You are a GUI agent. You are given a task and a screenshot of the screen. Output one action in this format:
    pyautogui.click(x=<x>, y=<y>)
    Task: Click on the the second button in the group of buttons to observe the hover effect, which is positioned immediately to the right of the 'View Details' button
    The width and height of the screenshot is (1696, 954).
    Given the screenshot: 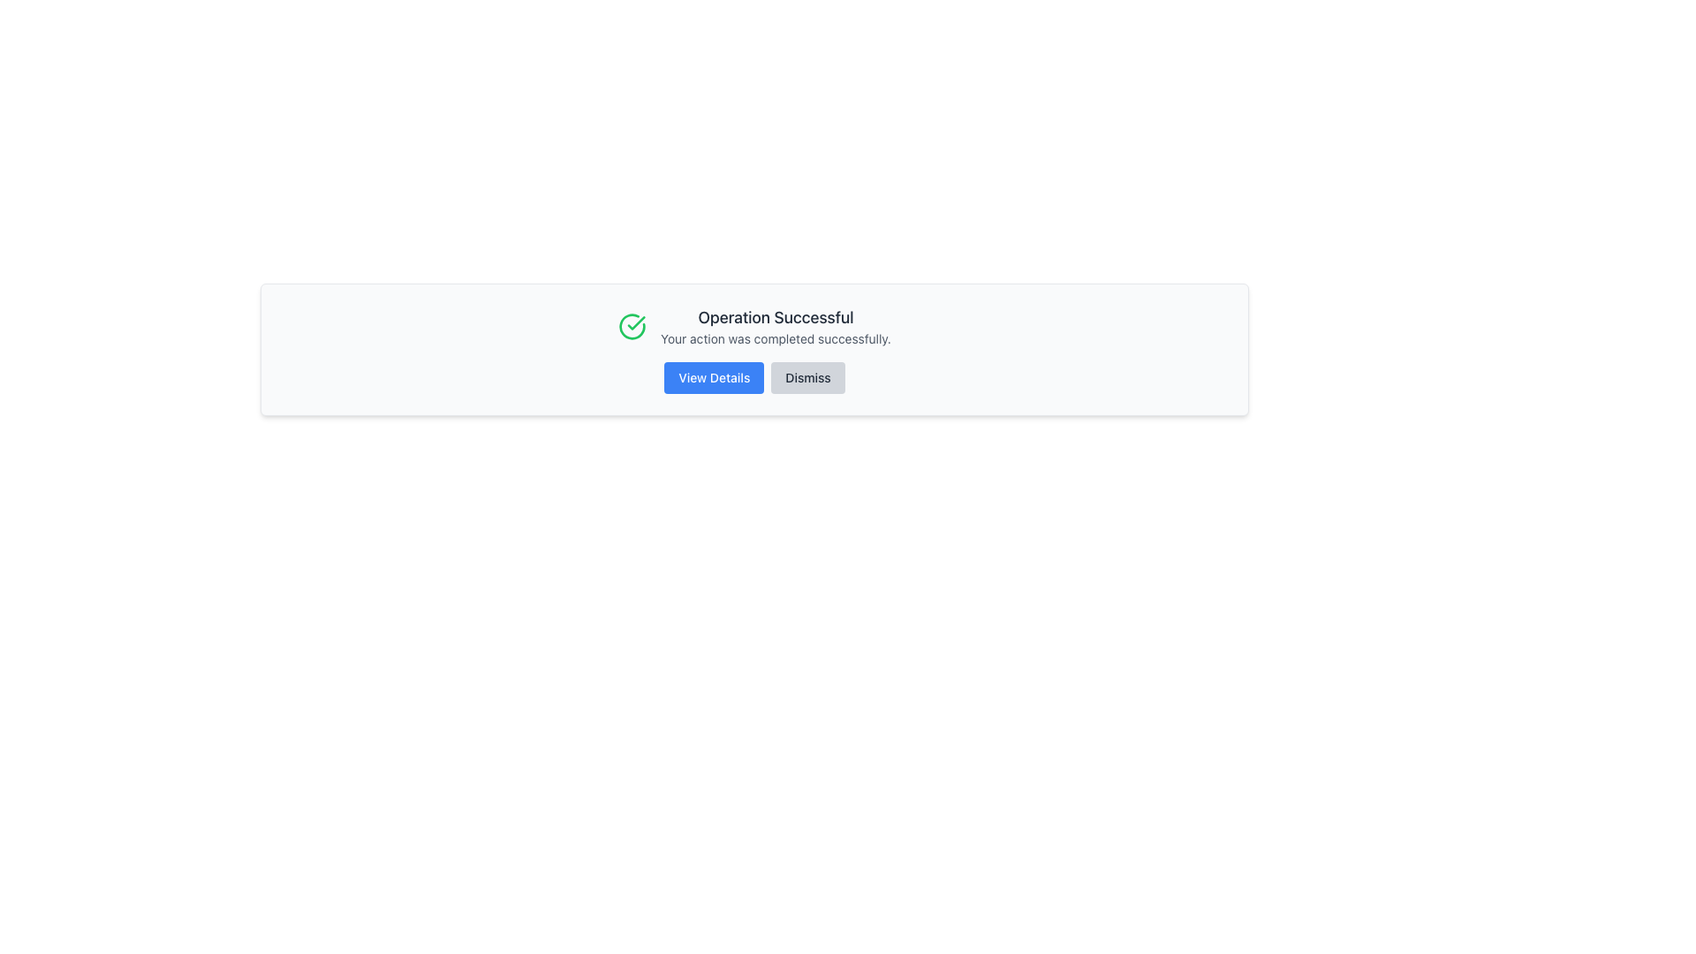 What is the action you would take?
    pyautogui.click(x=807, y=377)
    